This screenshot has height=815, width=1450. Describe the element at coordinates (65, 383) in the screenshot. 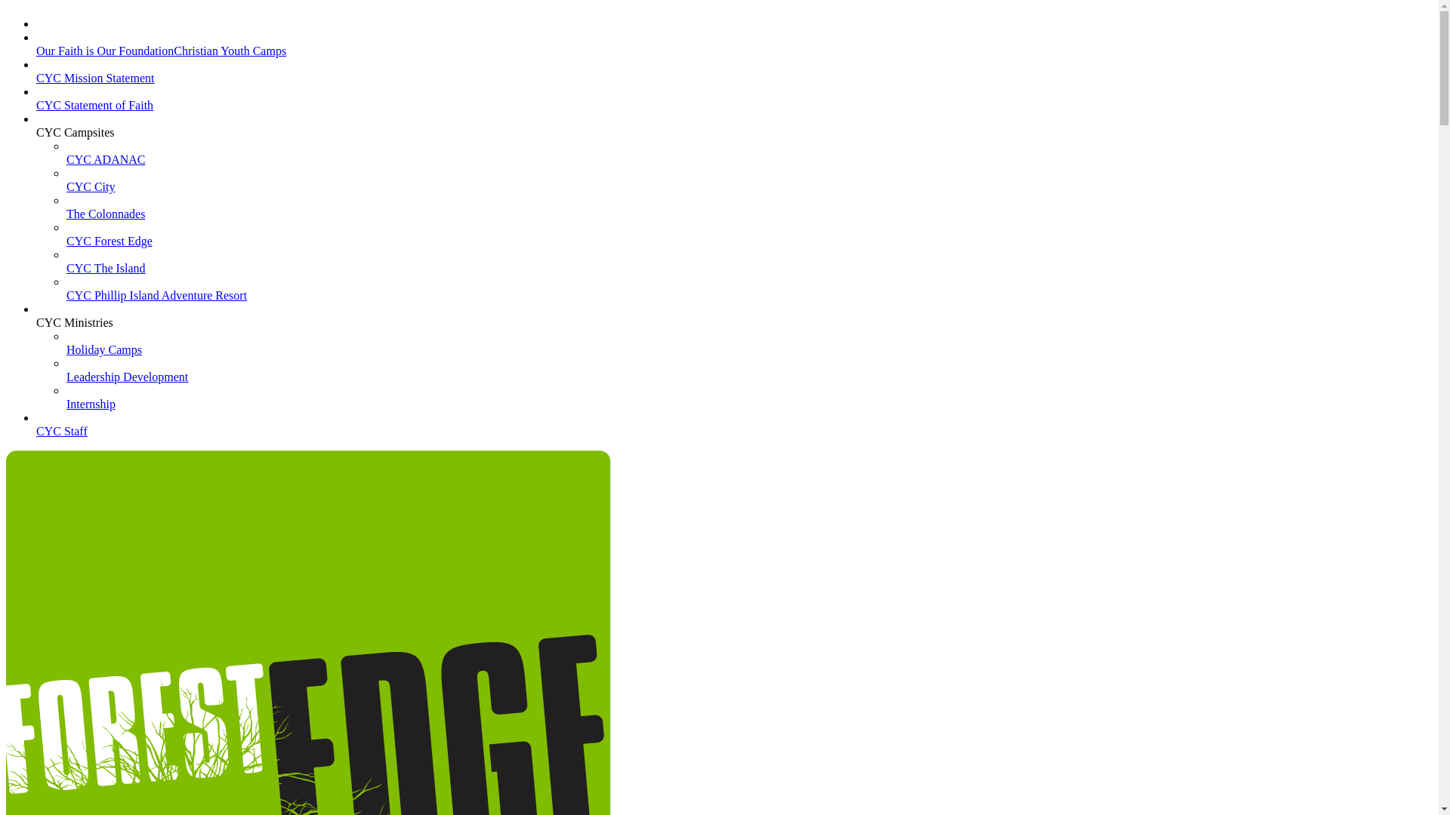

I see `'Leadership Development'` at that location.